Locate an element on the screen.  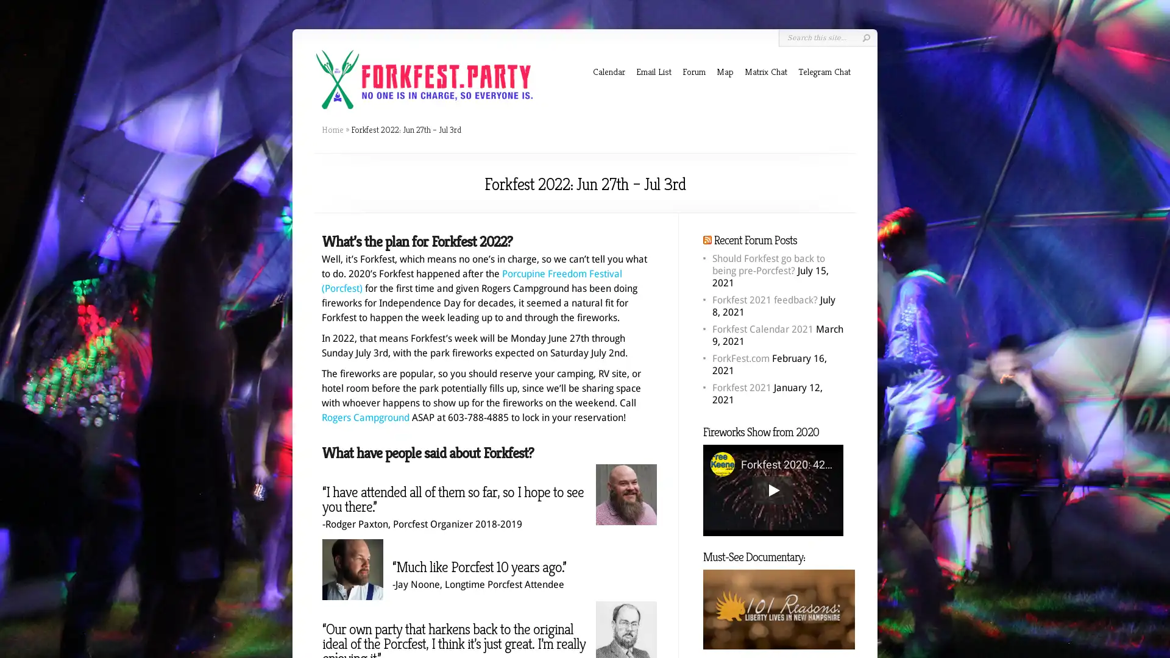
Submit is located at coordinates (865, 37).